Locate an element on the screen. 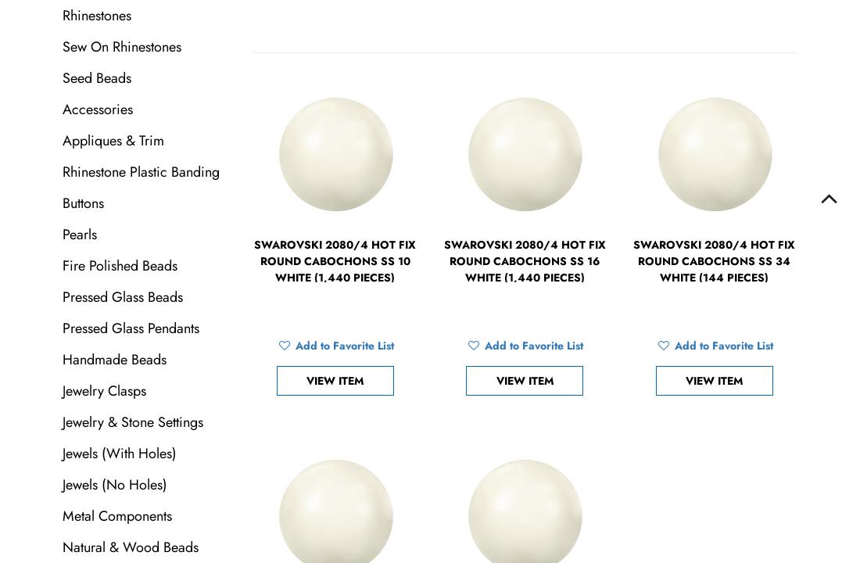 The height and width of the screenshot is (563, 860). 'Sew On Rhinestones' is located at coordinates (120, 45).